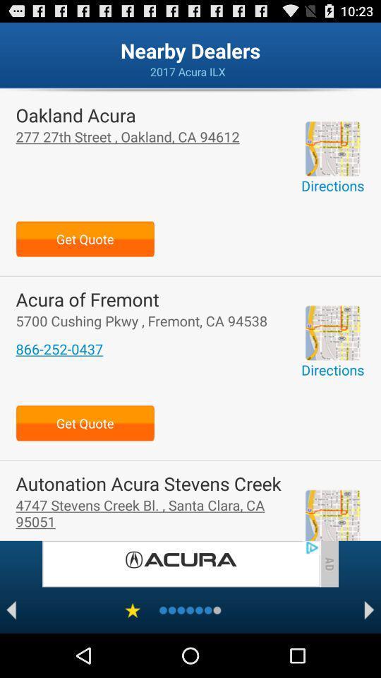 Image resolution: width=381 pixels, height=678 pixels. I want to click on map, so click(332, 148).